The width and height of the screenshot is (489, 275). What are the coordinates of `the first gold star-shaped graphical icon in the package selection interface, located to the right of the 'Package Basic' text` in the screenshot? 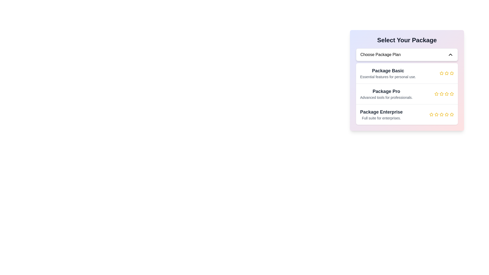 It's located at (452, 73).